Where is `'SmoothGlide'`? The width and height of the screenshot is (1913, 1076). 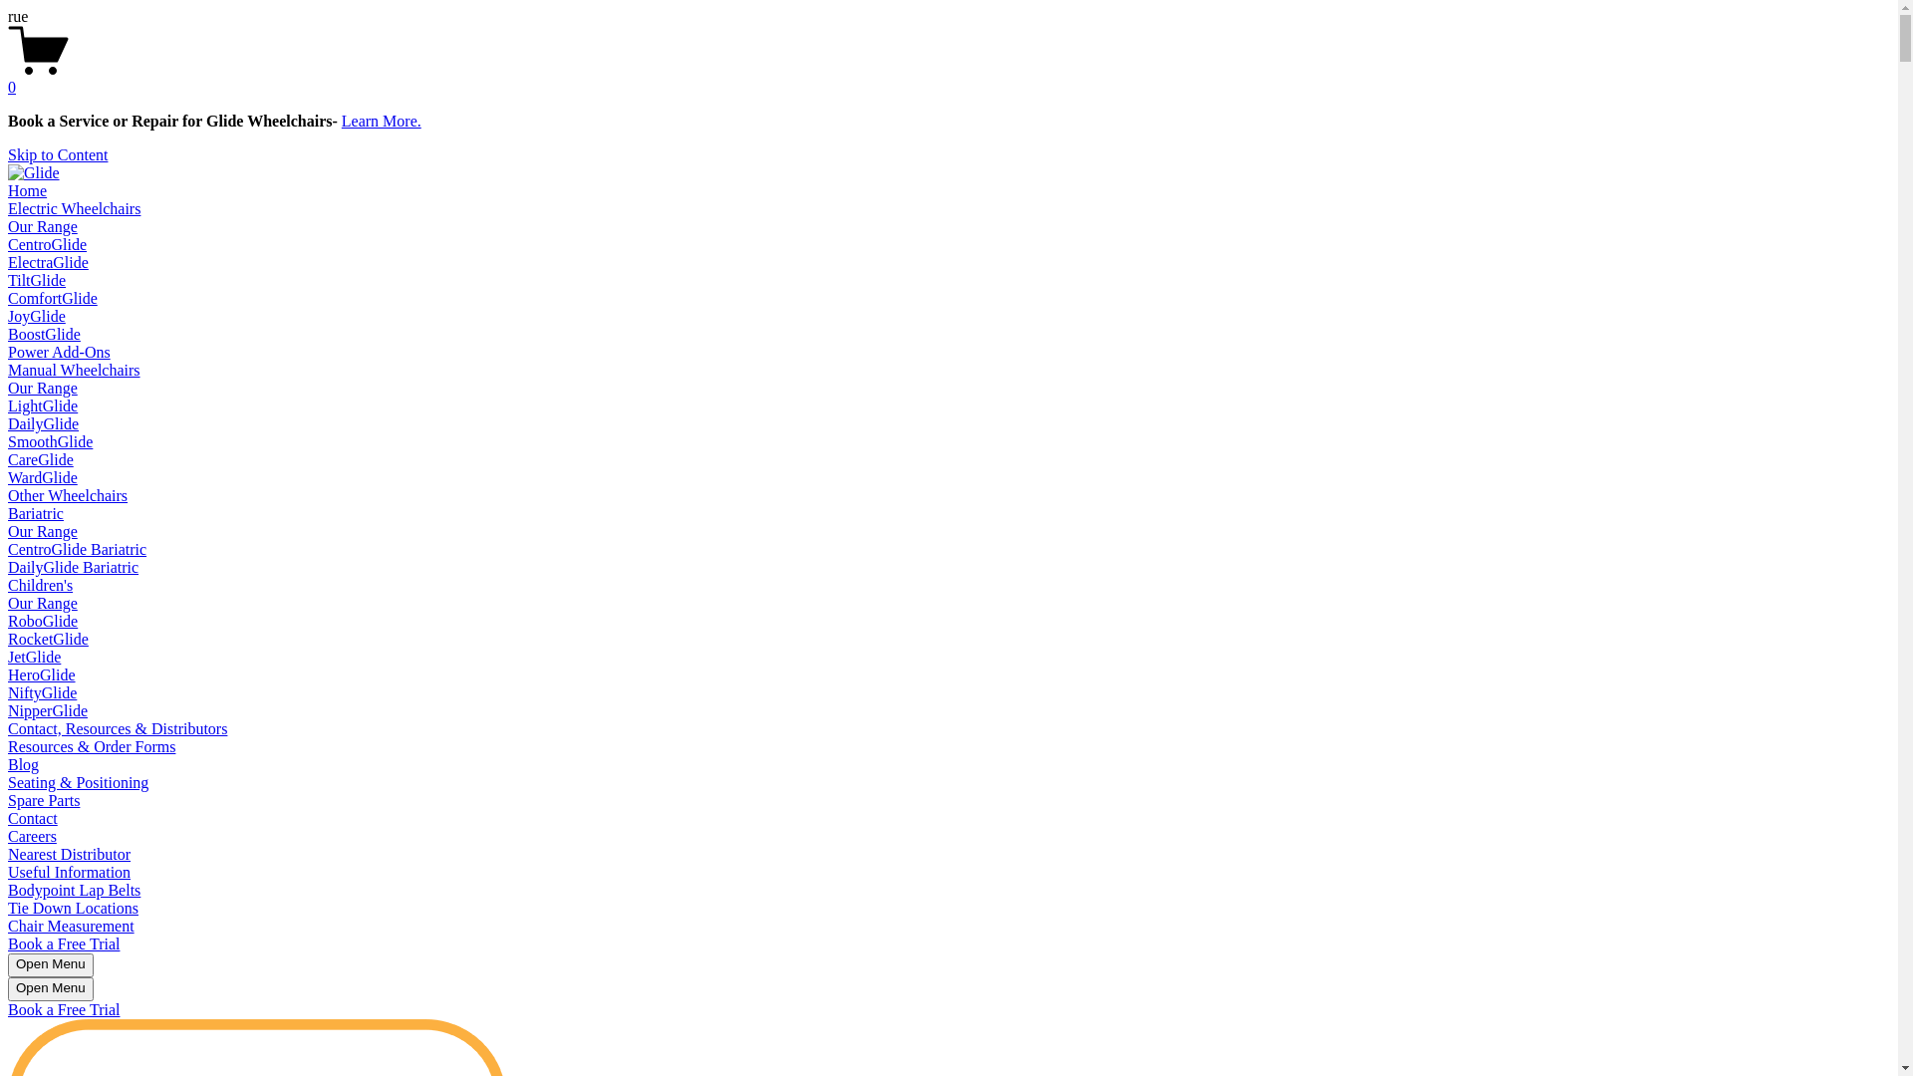
'SmoothGlide' is located at coordinates (50, 440).